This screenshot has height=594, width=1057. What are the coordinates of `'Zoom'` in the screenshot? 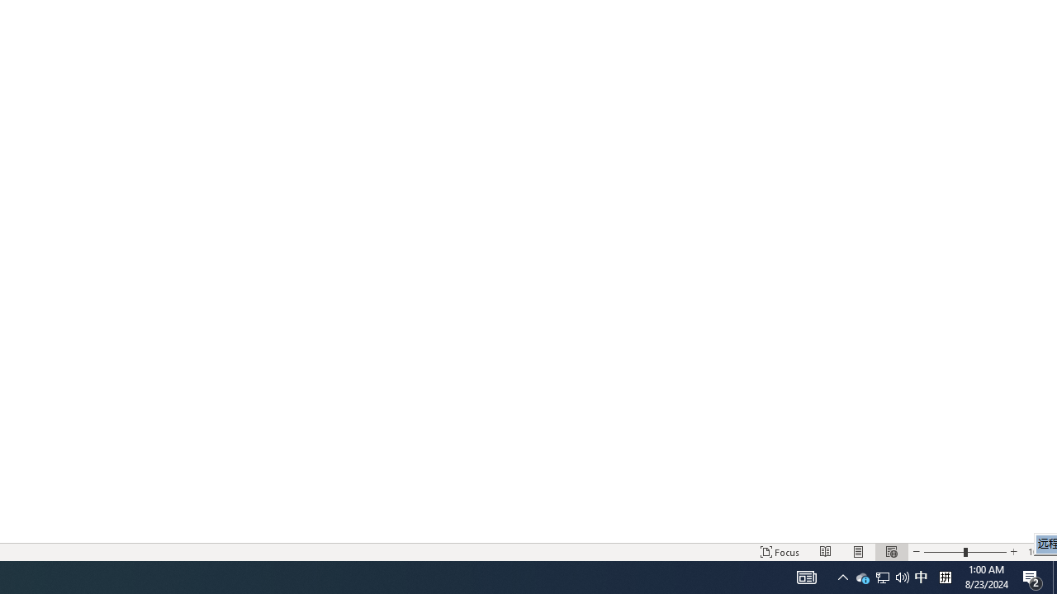 It's located at (965, 552).